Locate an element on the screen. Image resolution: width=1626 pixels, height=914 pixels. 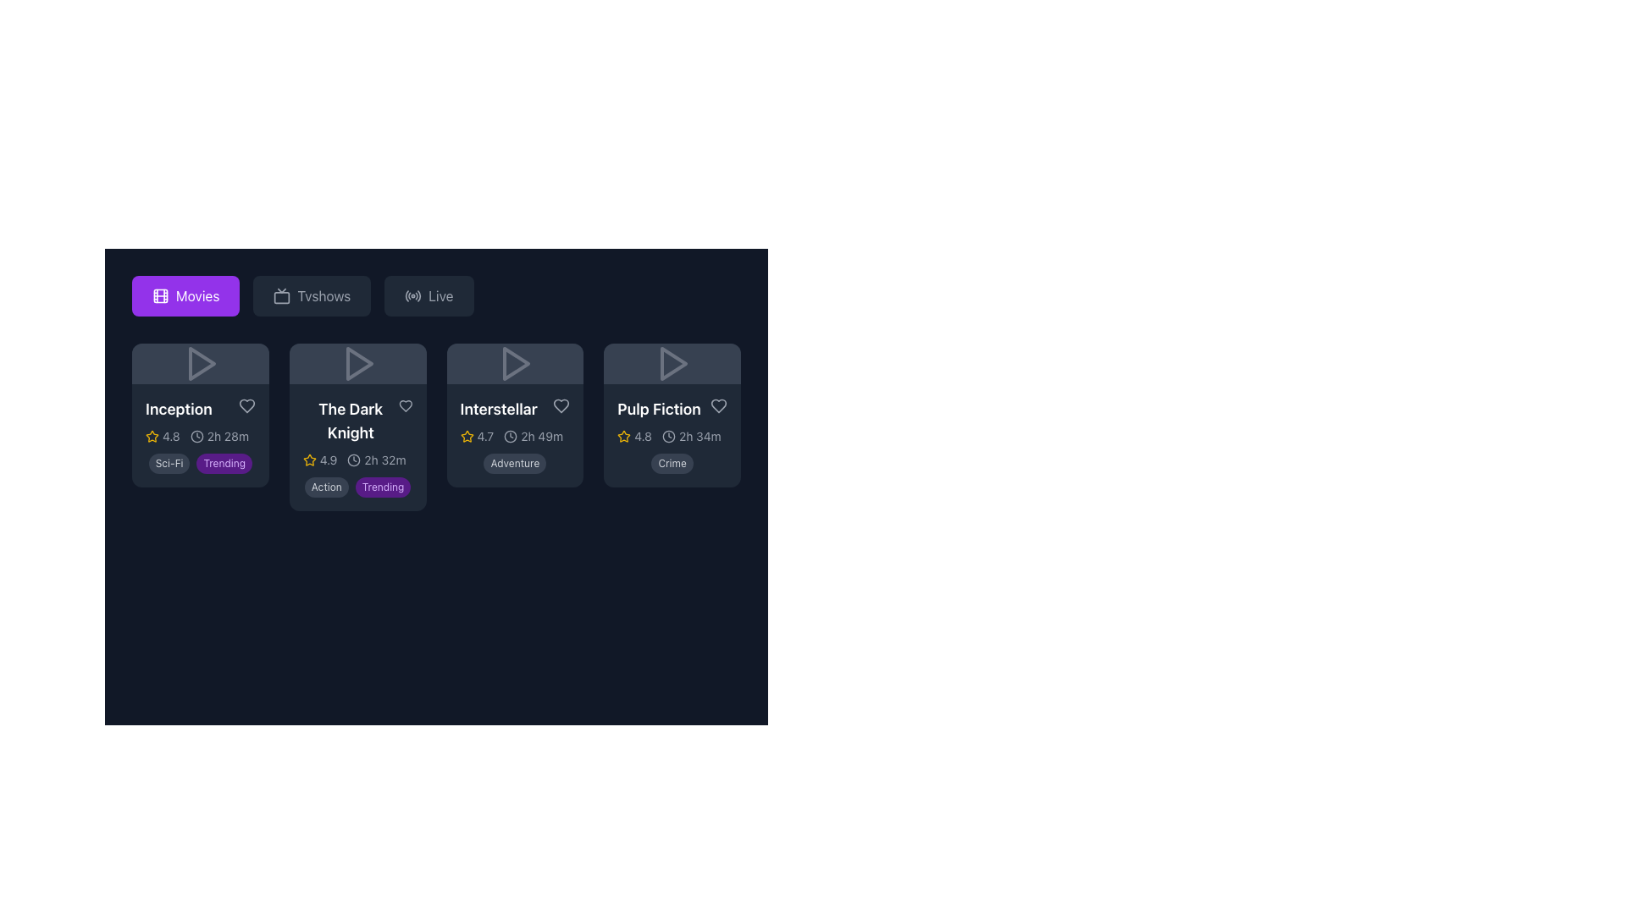
the text label that serves as the title for the movie 'Interstellar', which is positioned centrally within its card just below the movie thumbnail is located at coordinates (498, 409).